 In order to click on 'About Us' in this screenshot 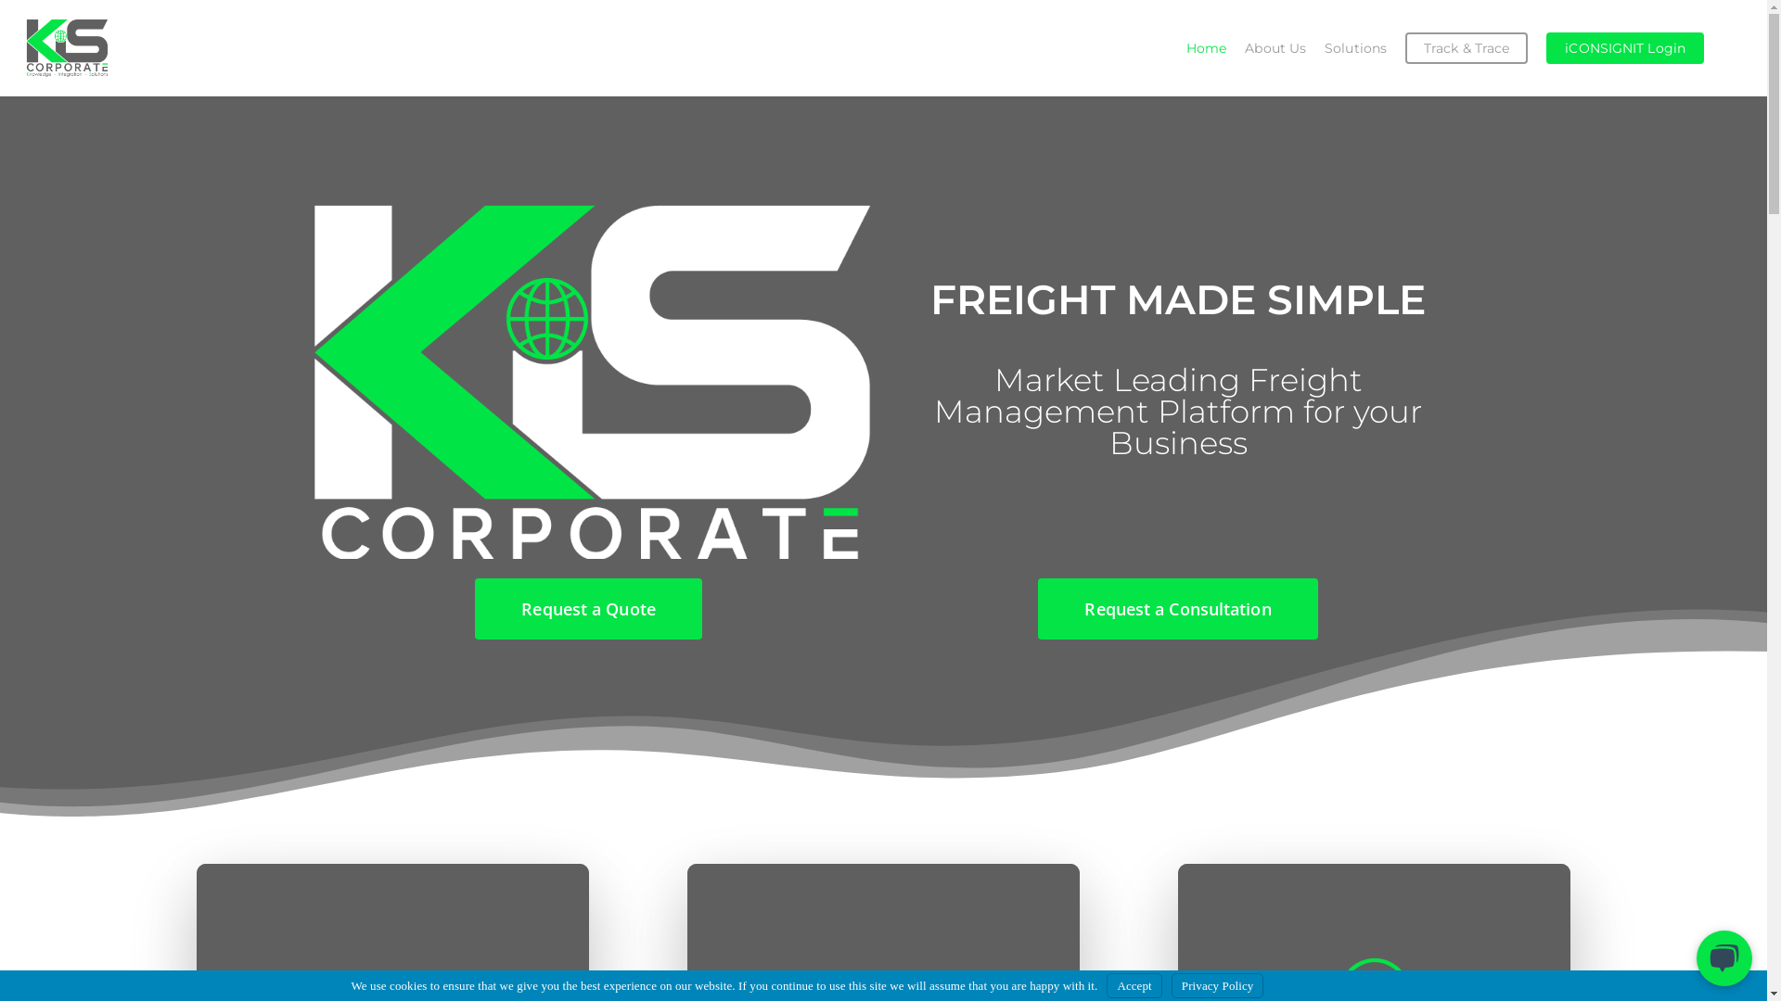, I will do `click(1274, 46)`.